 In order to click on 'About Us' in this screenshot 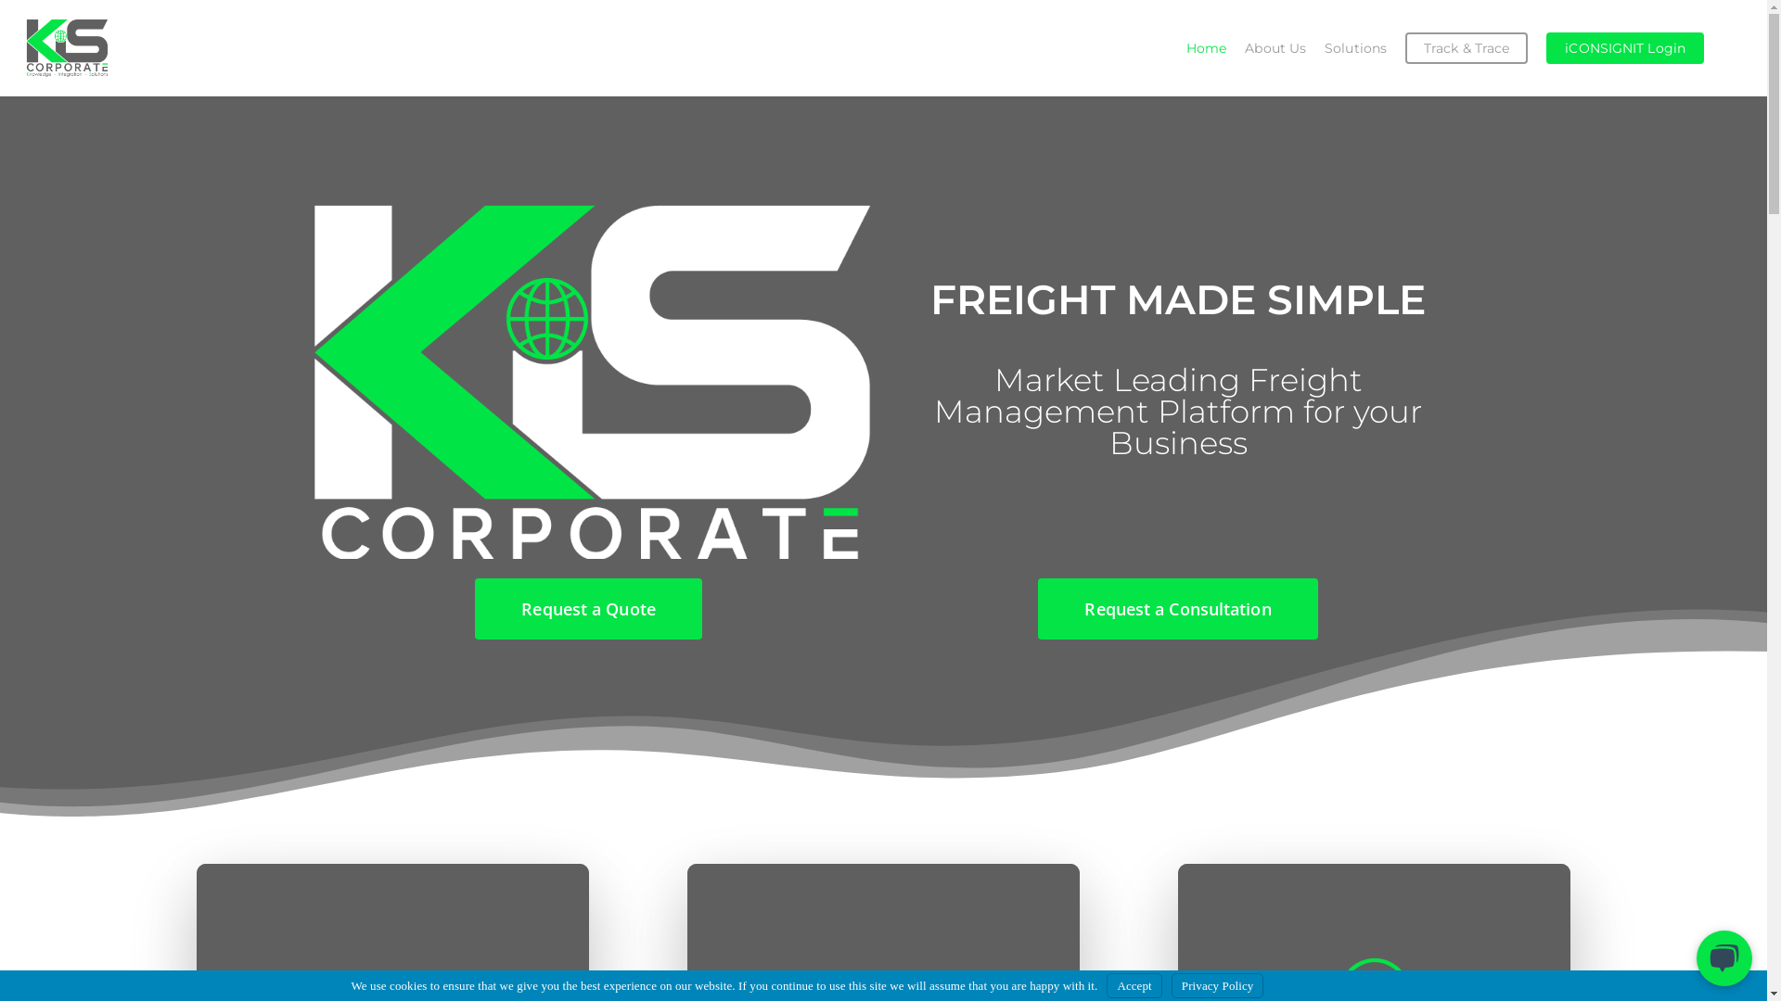, I will do `click(1274, 46)`.